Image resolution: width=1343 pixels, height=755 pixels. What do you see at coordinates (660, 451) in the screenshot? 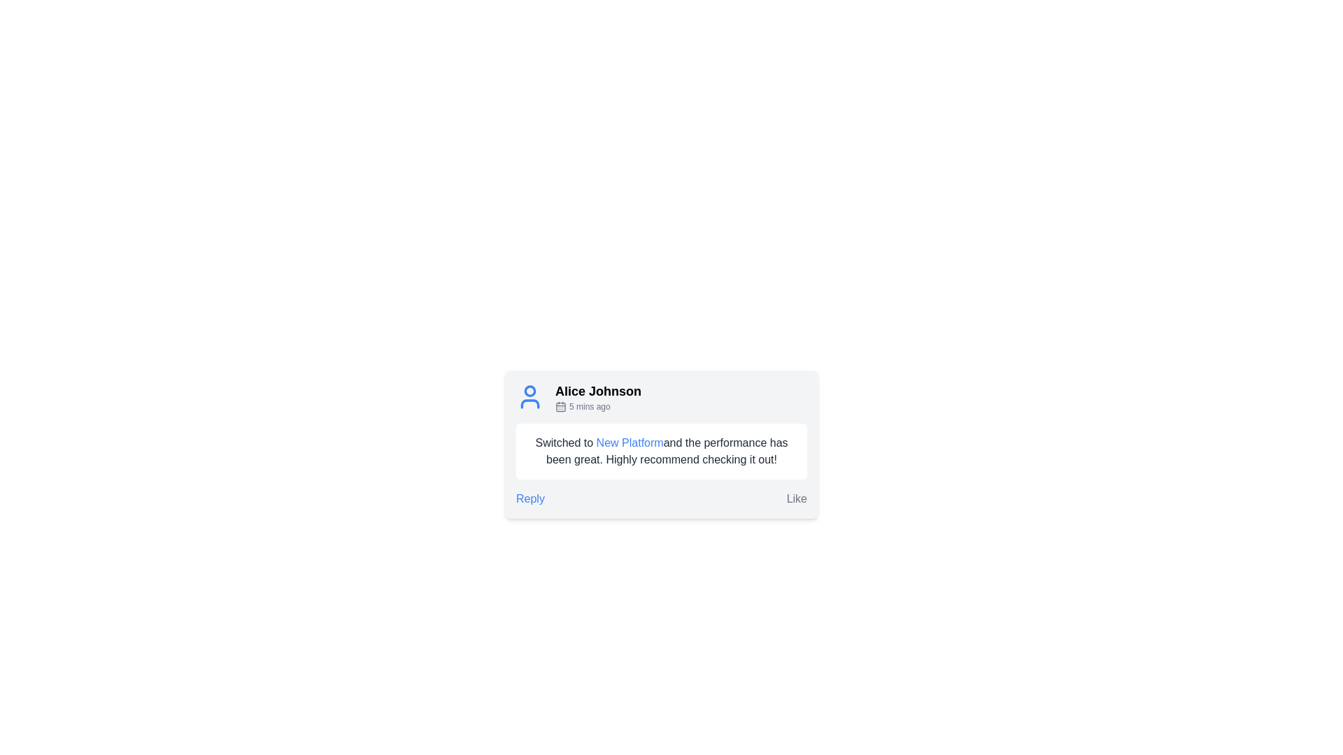
I see `the embedded hyperlink 'New Platform' within the user comment box following 'Alice Johnson'` at bounding box center [660, 451].